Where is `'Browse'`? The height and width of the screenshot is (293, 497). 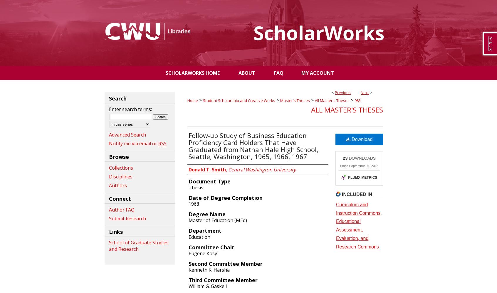
'Browse' is located at coordinates (119, 157).